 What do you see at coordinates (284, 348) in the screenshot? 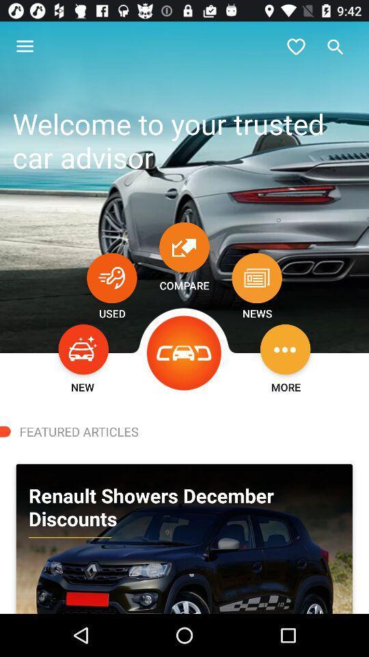
I see `the more icon` at bounding box center [284, 348].